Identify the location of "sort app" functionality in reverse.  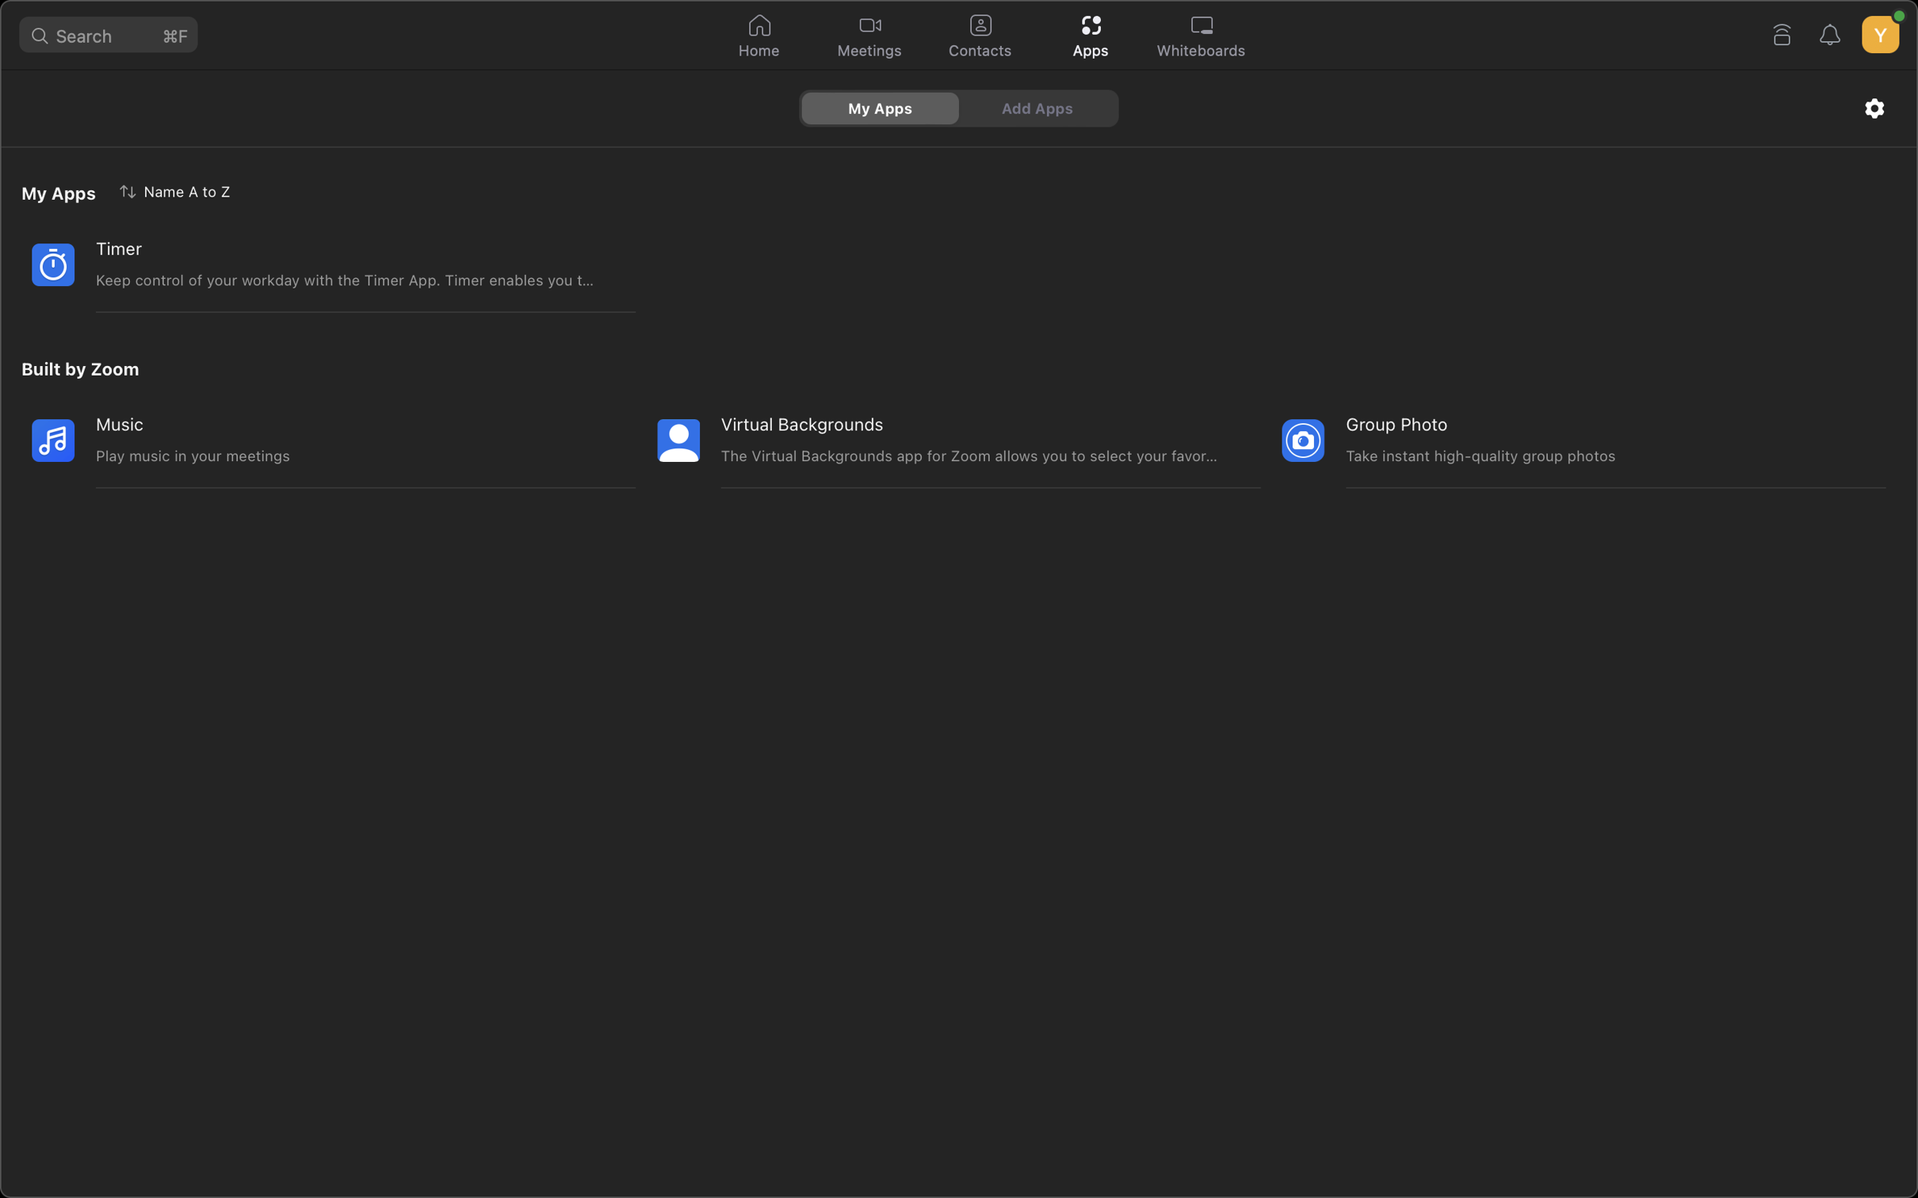
(178, 189).